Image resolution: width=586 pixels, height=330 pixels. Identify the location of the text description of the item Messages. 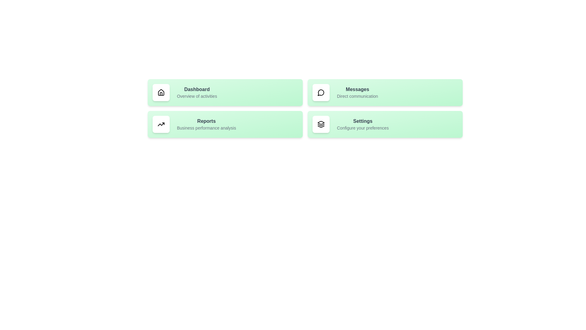
(357, 96).